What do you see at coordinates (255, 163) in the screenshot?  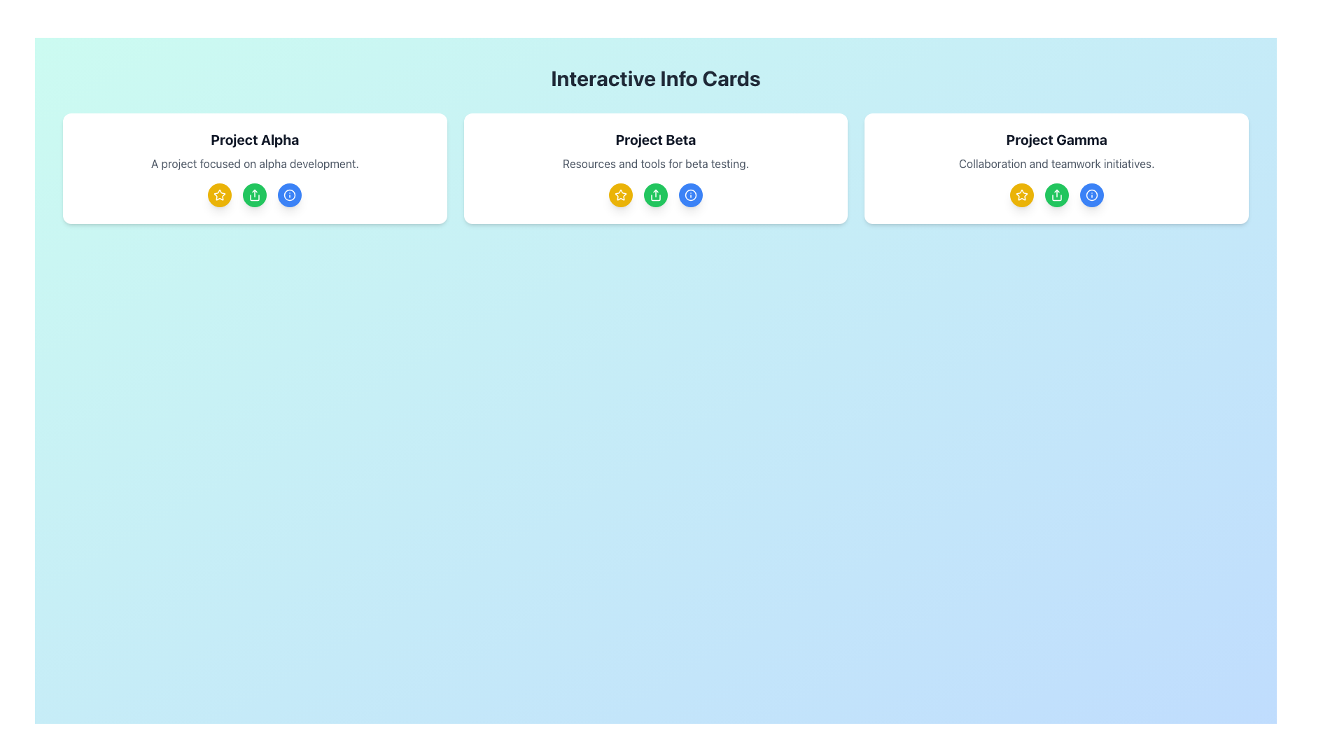 I see `description text located within the 'Project Alpha' card, situated below the title text 'Project Alpha' and above three interactive icons` at bounding box center [255, 163].